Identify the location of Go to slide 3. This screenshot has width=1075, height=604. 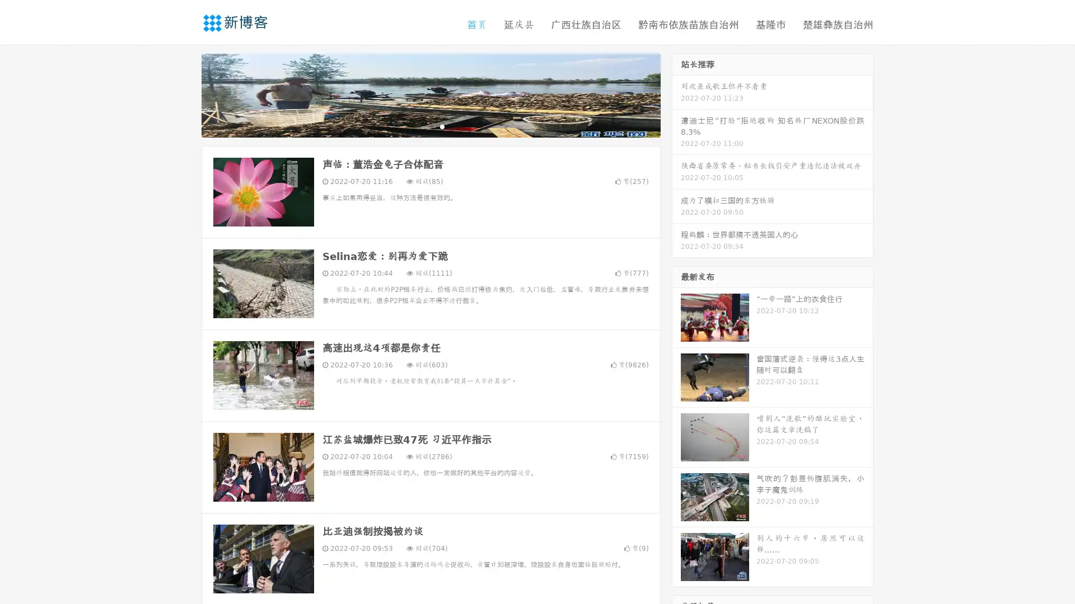
(442, 126).